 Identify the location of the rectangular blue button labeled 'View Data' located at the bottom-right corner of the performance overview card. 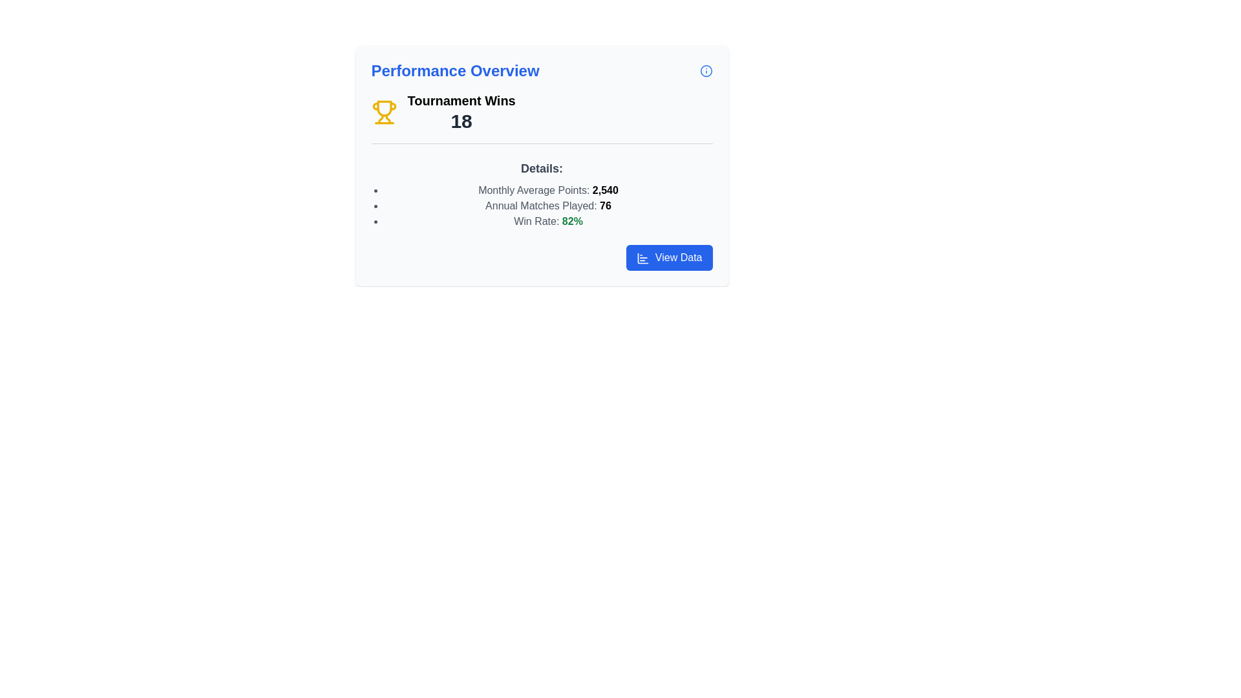
(670, 257).